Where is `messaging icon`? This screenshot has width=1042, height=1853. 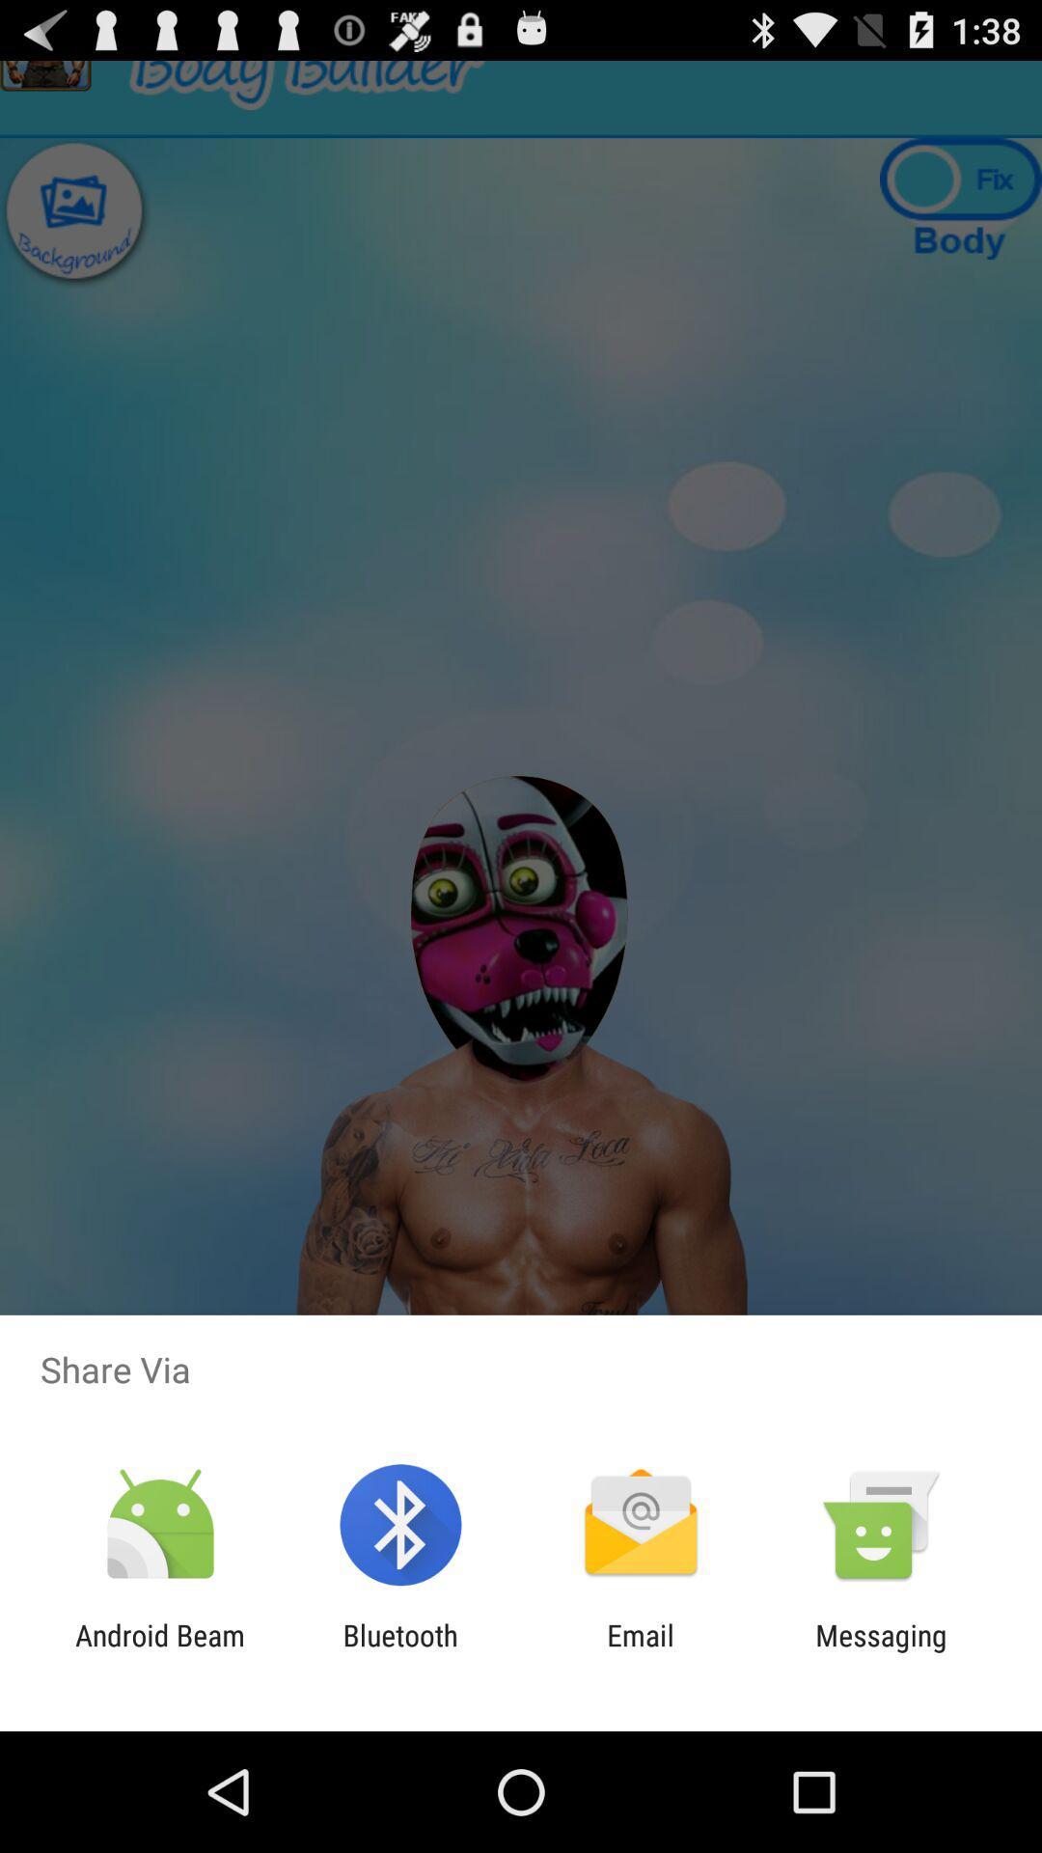
messaging icon is located at coordinates (881, 1651).